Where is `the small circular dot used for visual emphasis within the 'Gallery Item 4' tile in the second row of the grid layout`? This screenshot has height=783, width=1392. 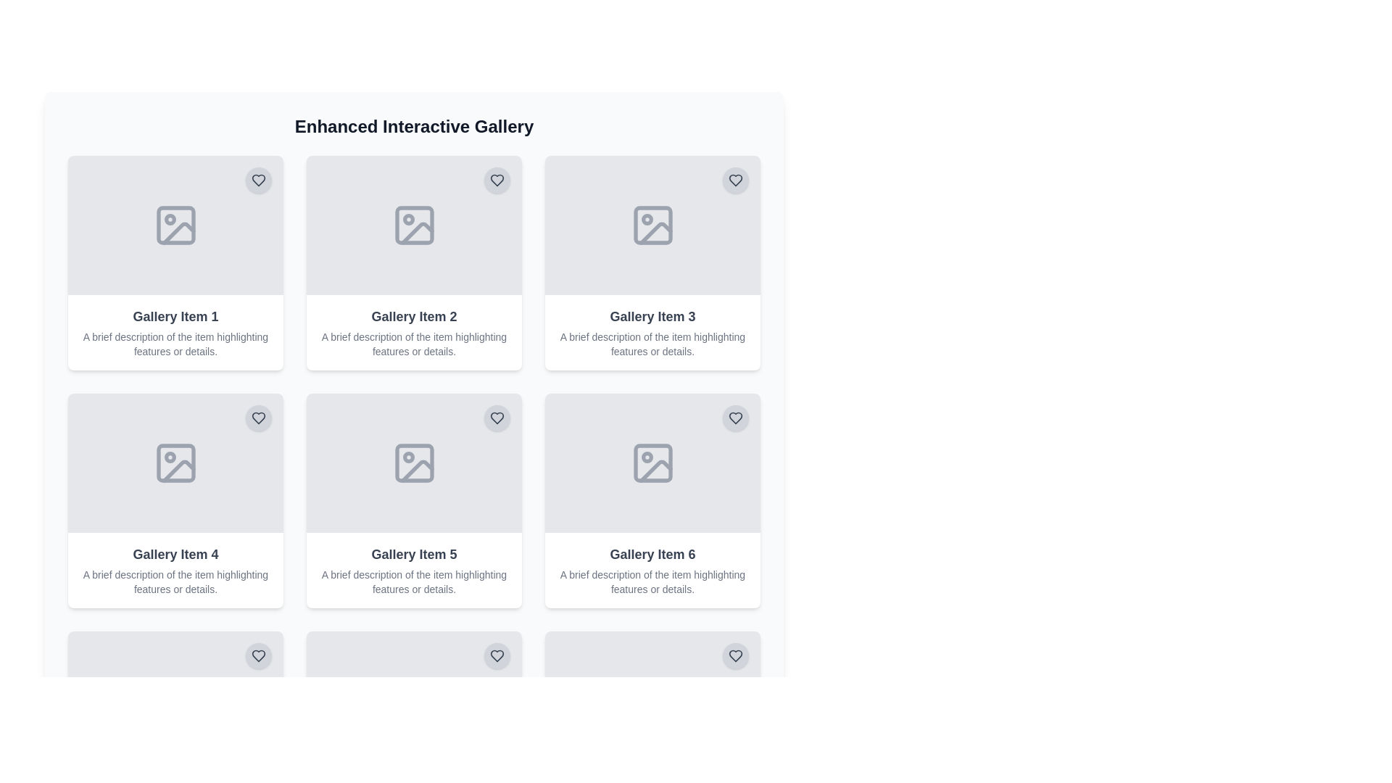 the small circular dot used for visual emphasis within the 'Gallery Item 4' tile in the second row of the grid layout is located at coordinates (170, 457).